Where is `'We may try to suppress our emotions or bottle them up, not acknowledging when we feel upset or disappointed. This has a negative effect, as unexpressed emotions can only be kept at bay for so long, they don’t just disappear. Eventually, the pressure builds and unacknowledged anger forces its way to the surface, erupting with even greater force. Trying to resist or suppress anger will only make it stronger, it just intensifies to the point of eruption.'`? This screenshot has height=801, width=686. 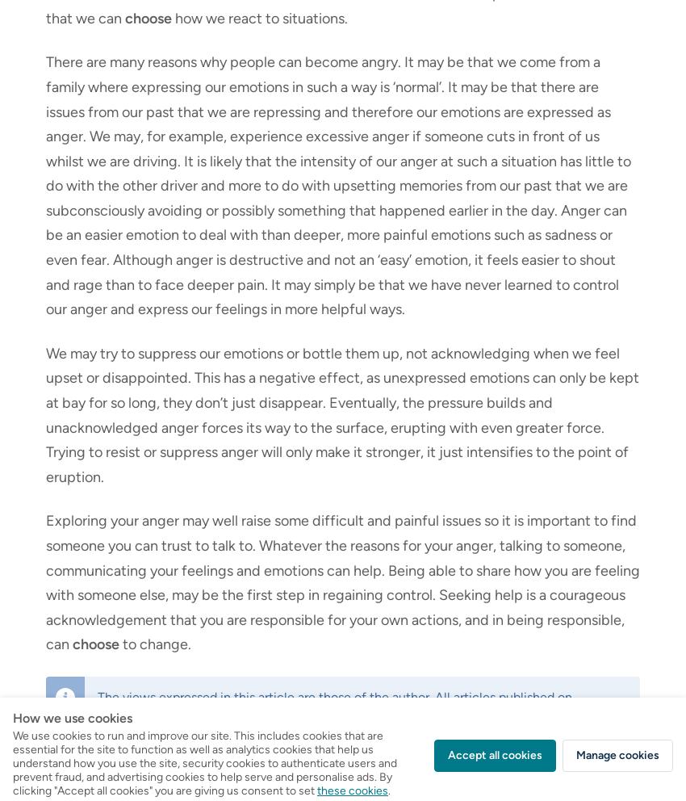 'We may try to suppress our emotions or bottle them up, not acknowledging when we feel upset or disappointed. This has a negative effect, as unexpressed emotions can only be kept at bay for so long, they don’t just disappear. Eventually, the pressure builds and unacknowledged anger forces its way to the surface, erupting with even greater force. Trying to resist or suppress anger will only make it stronger, it just intensifies to the point of eruption.' is located at coordinates (342, 413).